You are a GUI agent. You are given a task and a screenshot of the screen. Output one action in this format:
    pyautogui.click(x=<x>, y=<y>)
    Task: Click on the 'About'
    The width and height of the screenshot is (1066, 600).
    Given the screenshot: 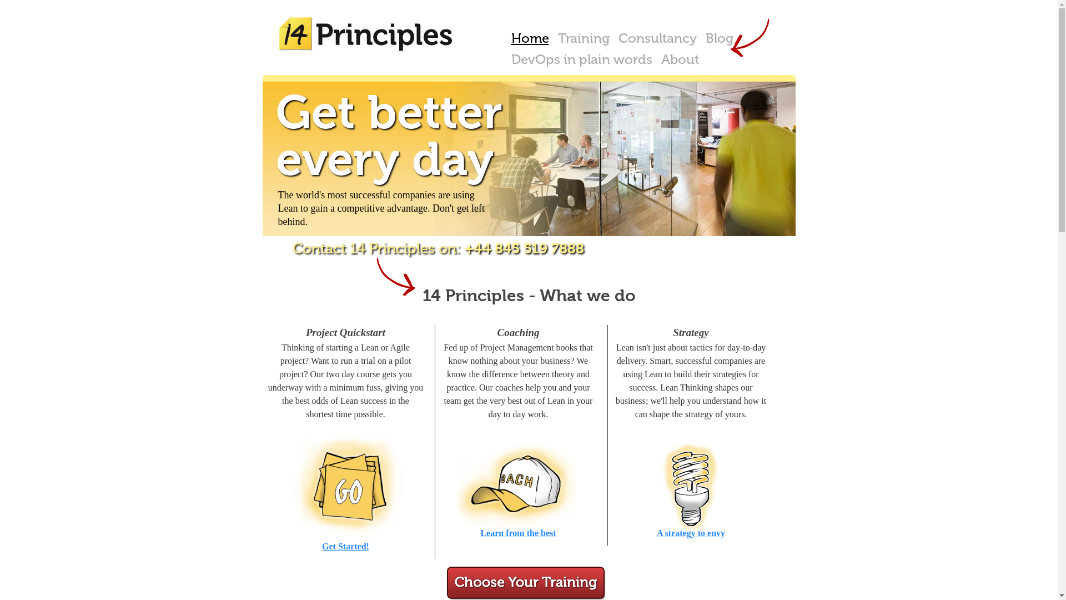 What is the action you would take?
    pyautogui.click(x=656, y=59)
    